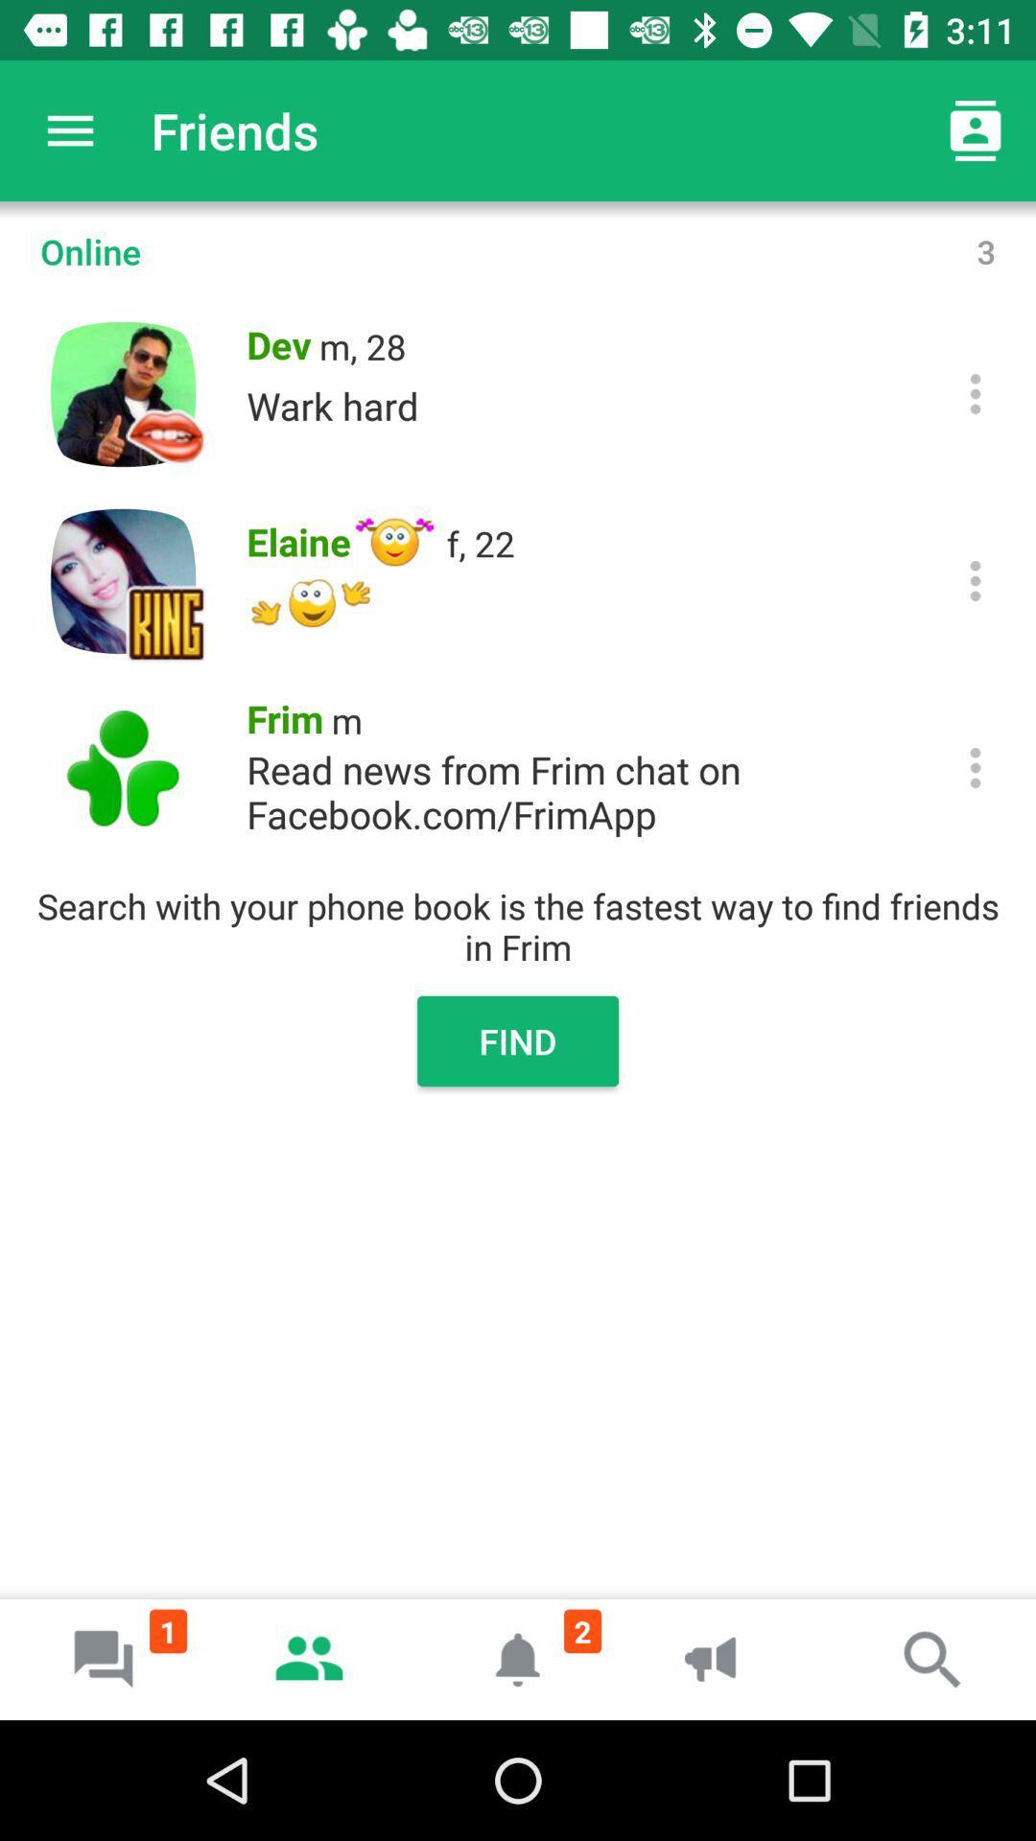  I want to click on more settings, so click(976, 579).